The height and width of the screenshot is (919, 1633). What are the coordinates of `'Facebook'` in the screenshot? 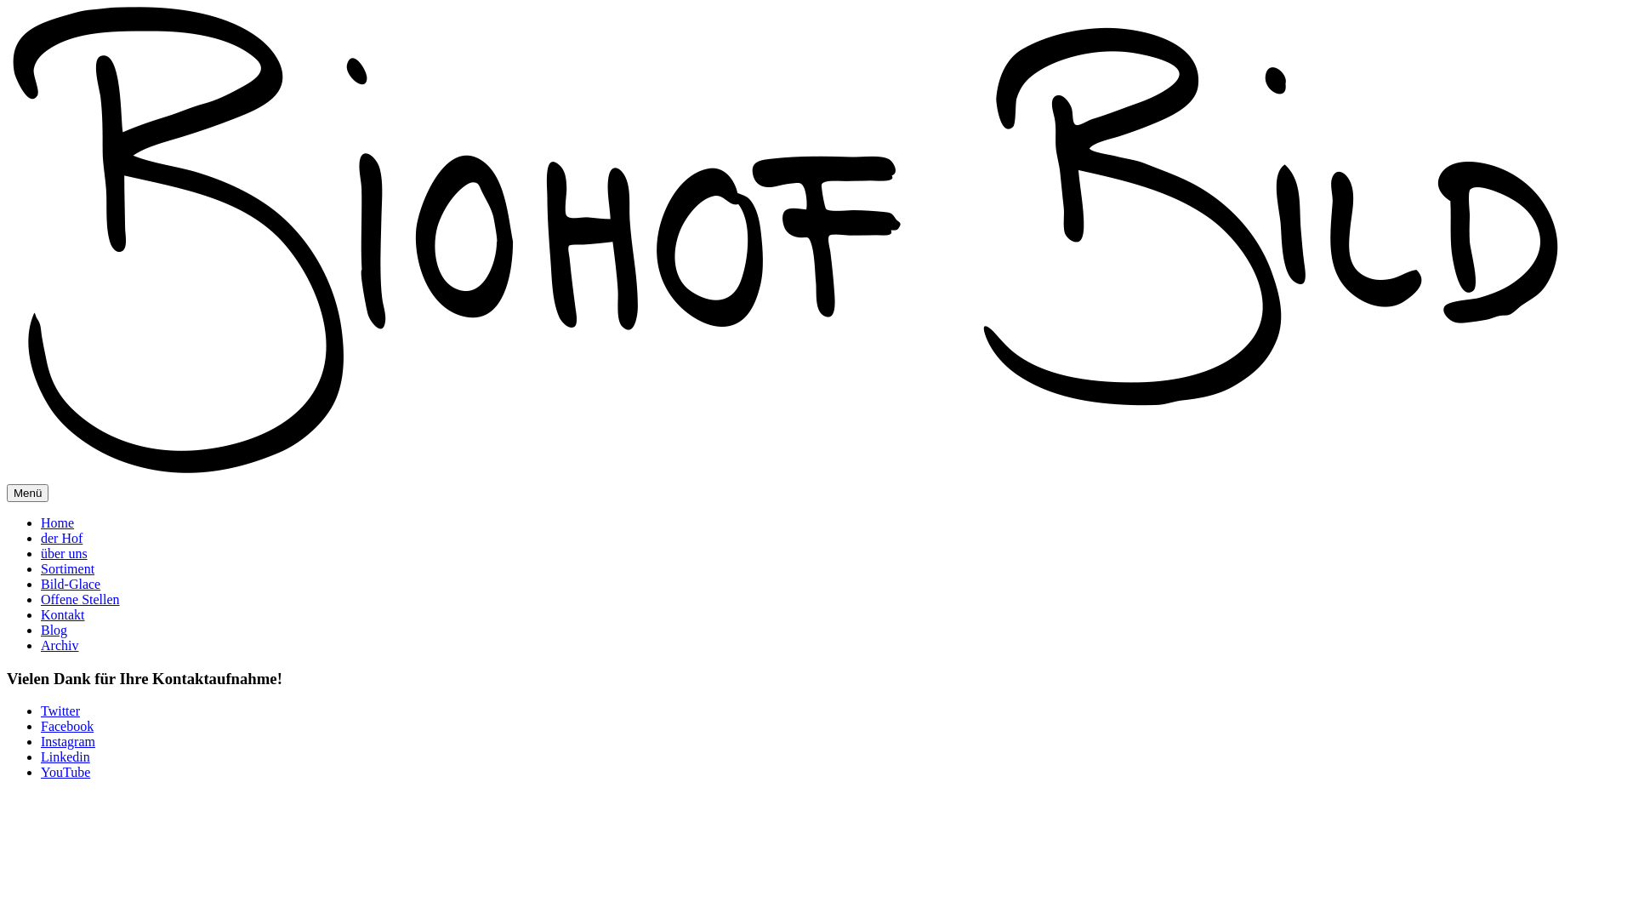 It's located at (66, 726).